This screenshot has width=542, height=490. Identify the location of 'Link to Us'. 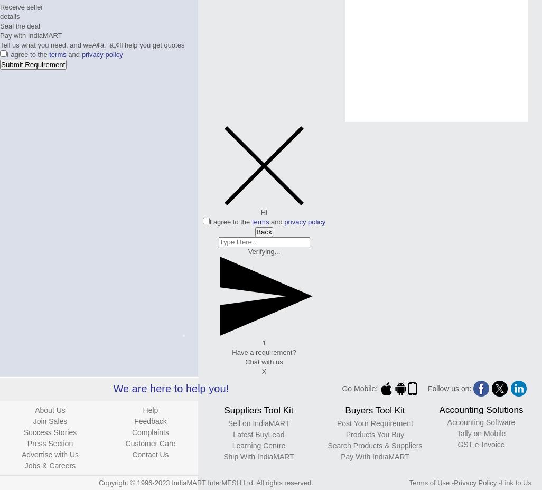
(515, 483).